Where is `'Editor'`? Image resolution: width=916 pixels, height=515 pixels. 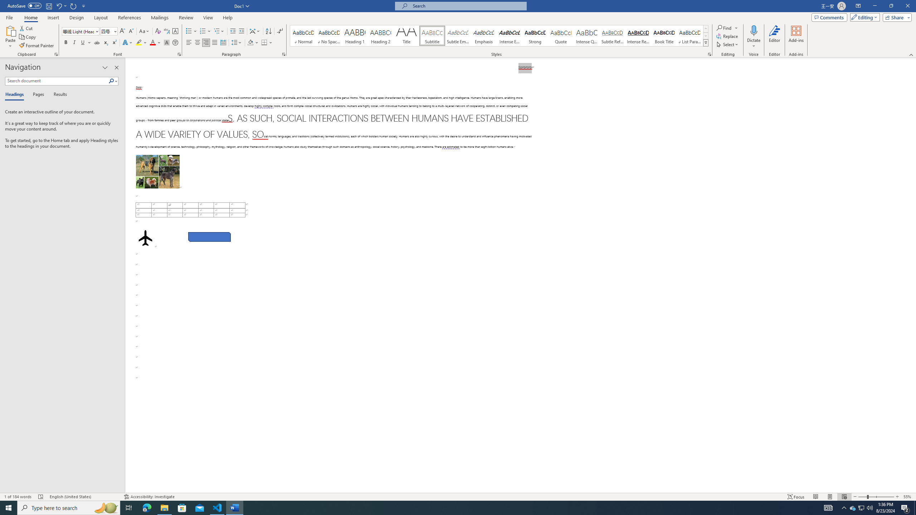
'Editor' is located at coordinates (774, 37).